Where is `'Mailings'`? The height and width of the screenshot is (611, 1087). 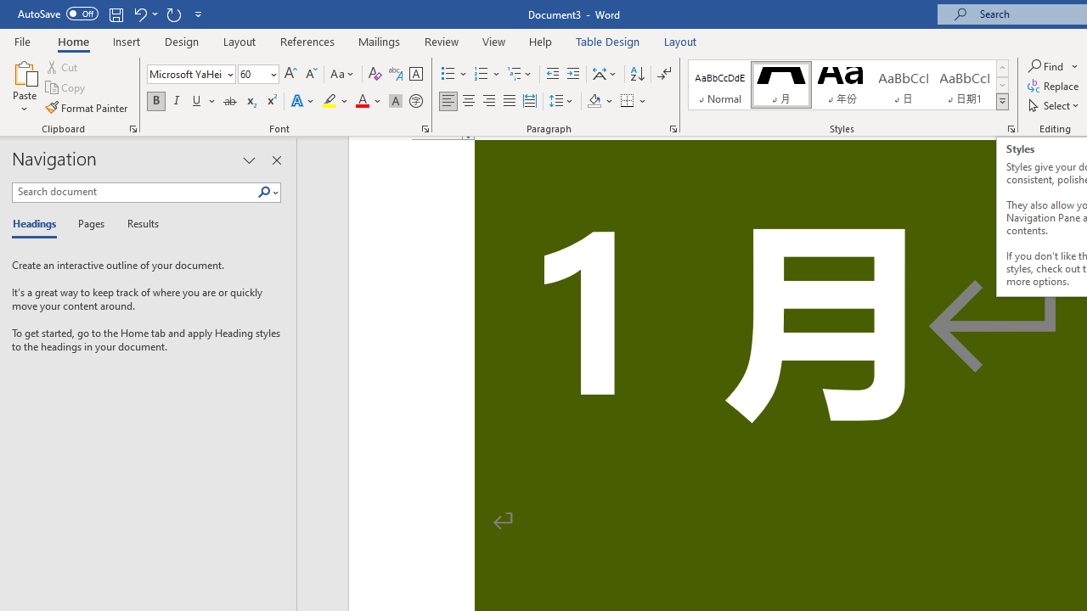 'Mailings' is located at coordinates (379, 41).